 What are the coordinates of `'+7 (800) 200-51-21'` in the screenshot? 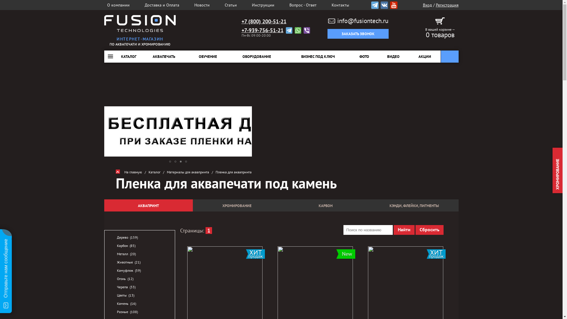 It's located at (263, 21).